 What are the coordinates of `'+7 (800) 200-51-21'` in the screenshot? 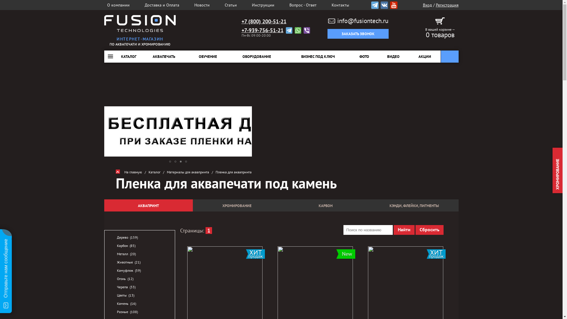 It's located at (263, 21).